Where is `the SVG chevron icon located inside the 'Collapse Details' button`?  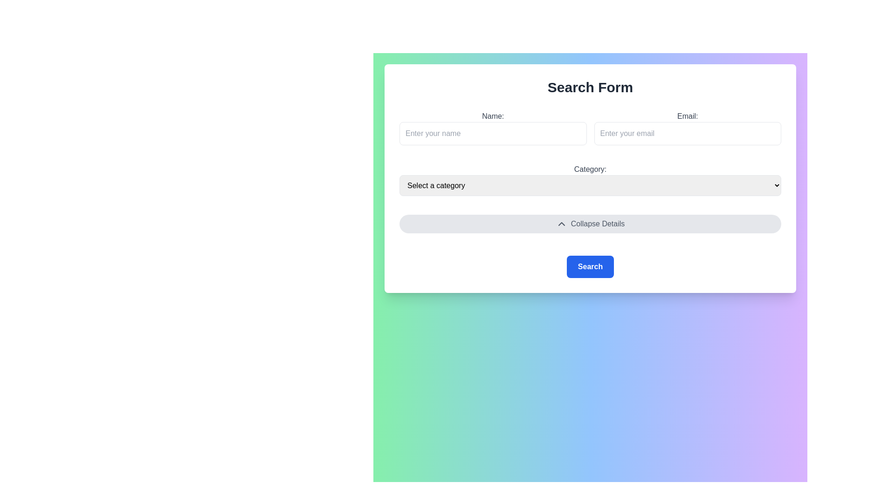
the SVG chevron icon located inside the 'Collapse Details' button is located at coordinates (561, 224).